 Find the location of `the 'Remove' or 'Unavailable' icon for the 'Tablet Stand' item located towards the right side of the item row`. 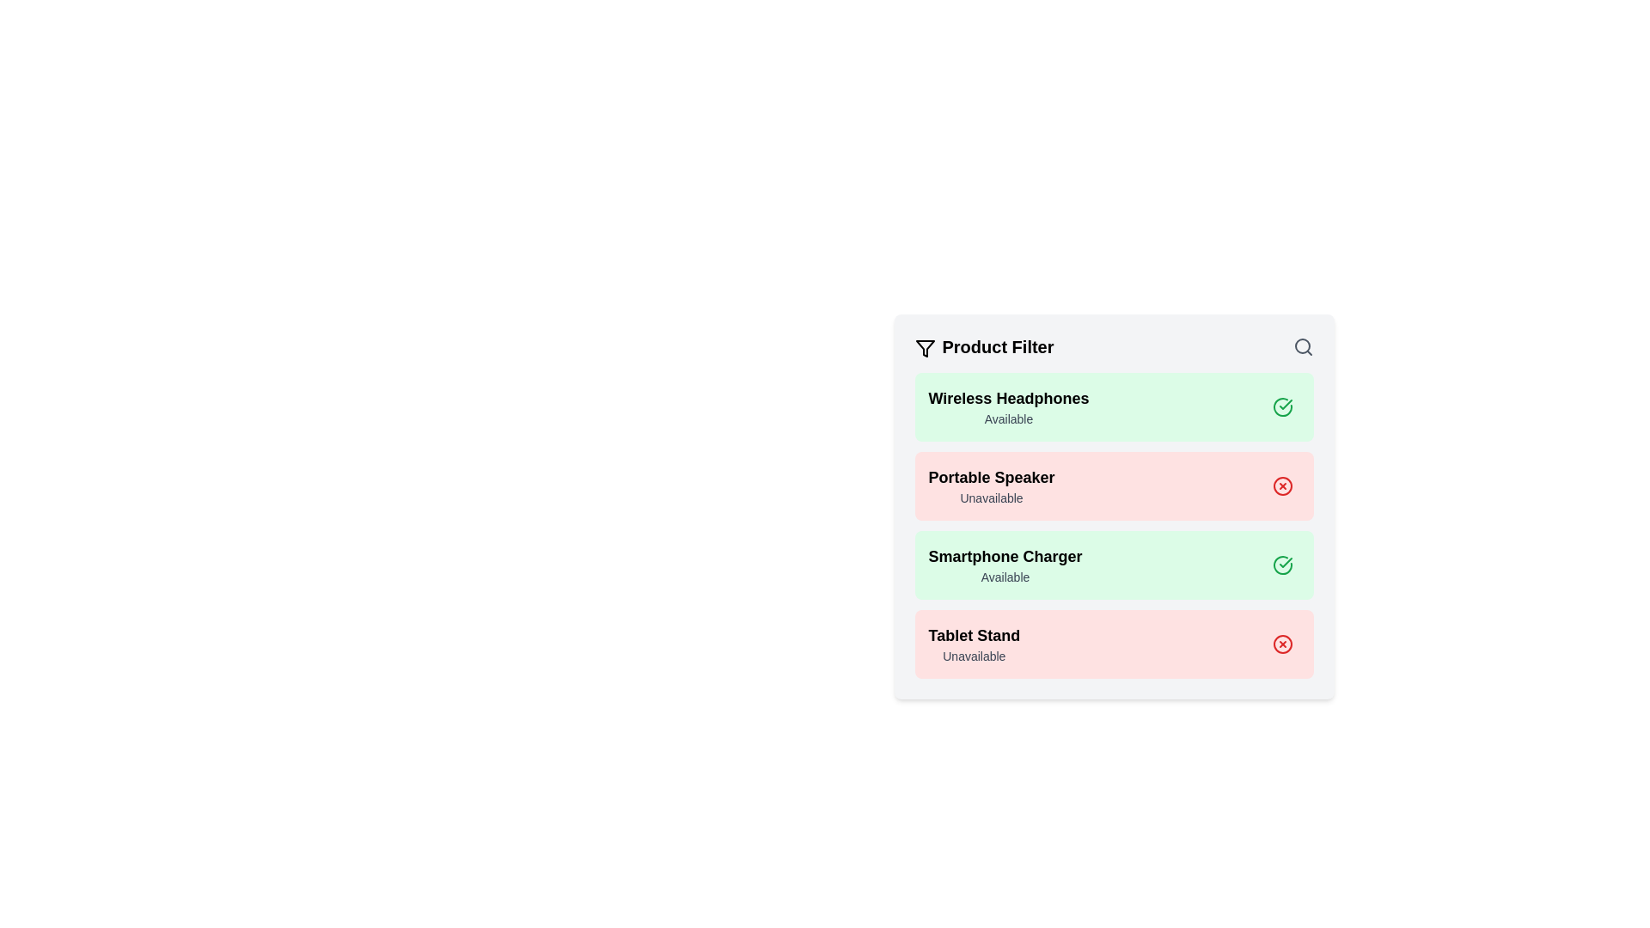

the 'Remove' or 'Unavailable' icon for the 'Tablet Stand' item located towards the right side of the item row is located at coordinates (1282, 644).